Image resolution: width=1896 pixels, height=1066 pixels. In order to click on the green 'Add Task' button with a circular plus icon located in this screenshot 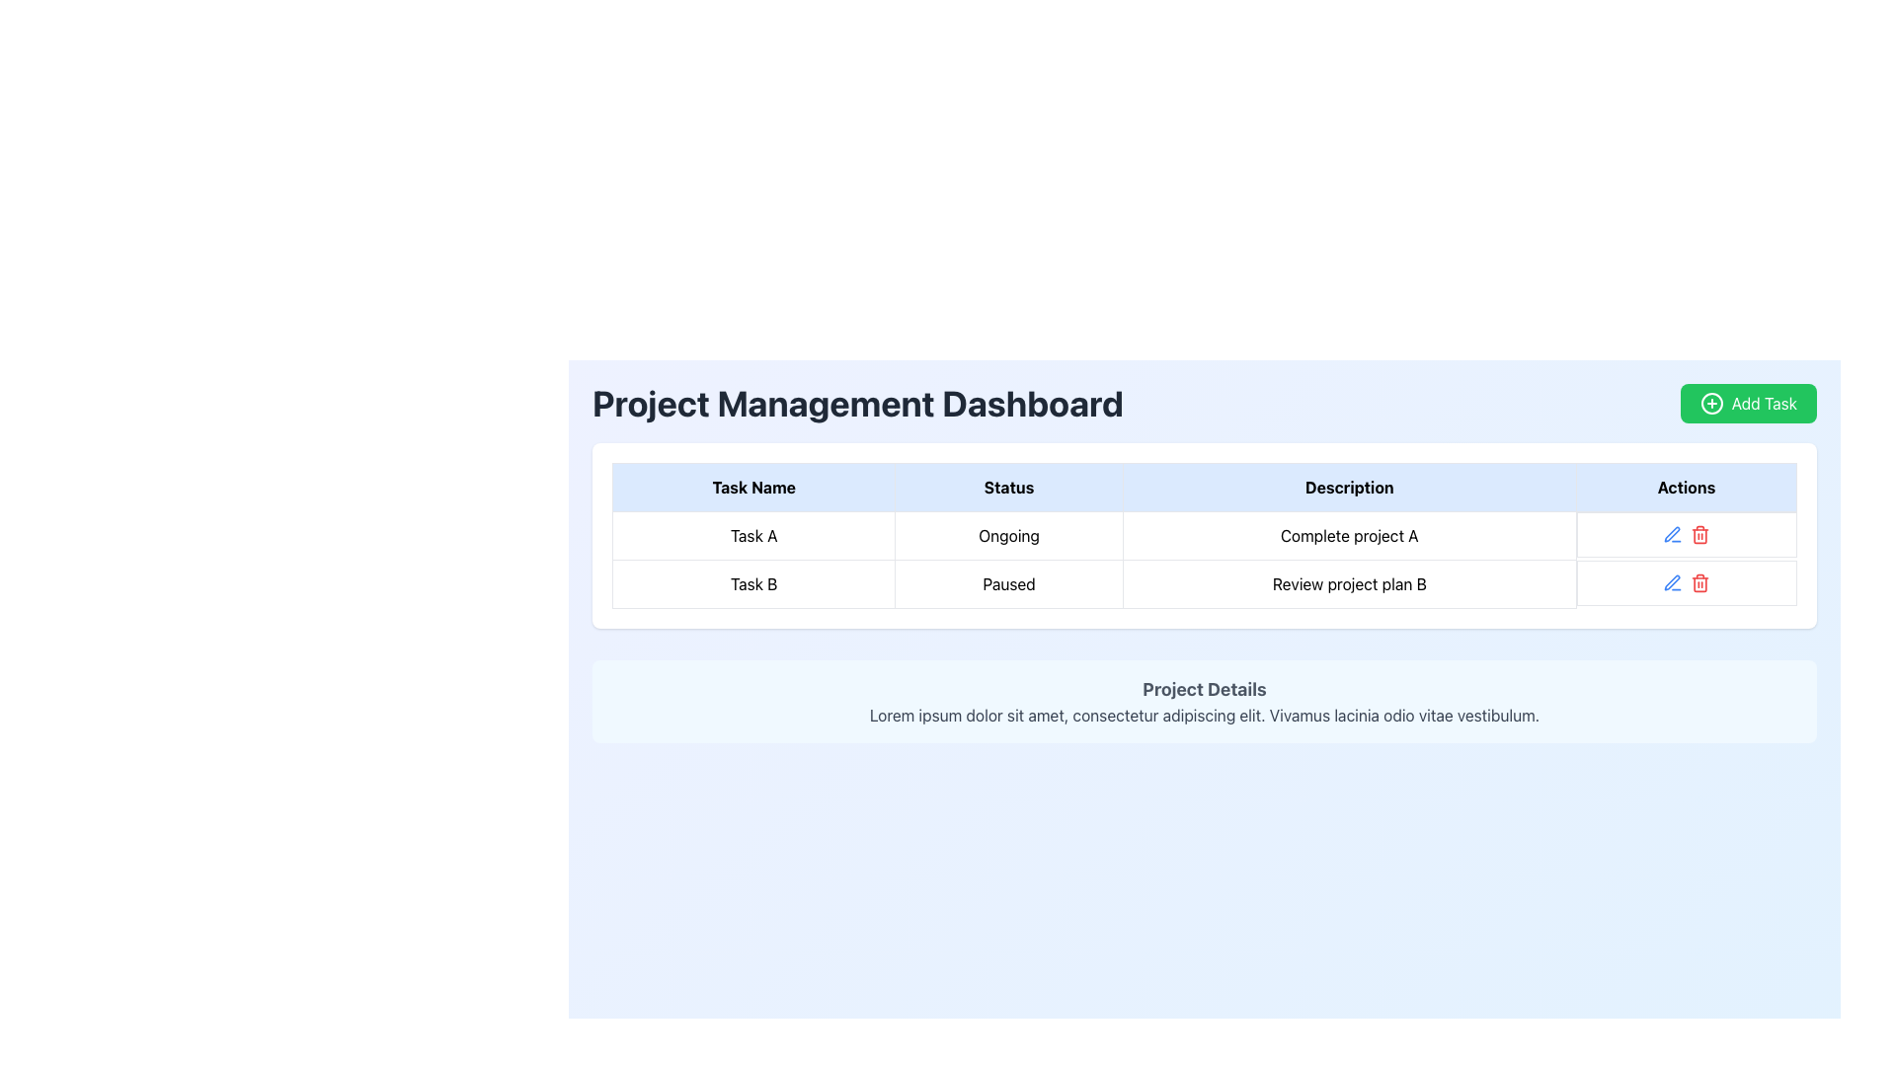, I will do `click(1748, 402)`.